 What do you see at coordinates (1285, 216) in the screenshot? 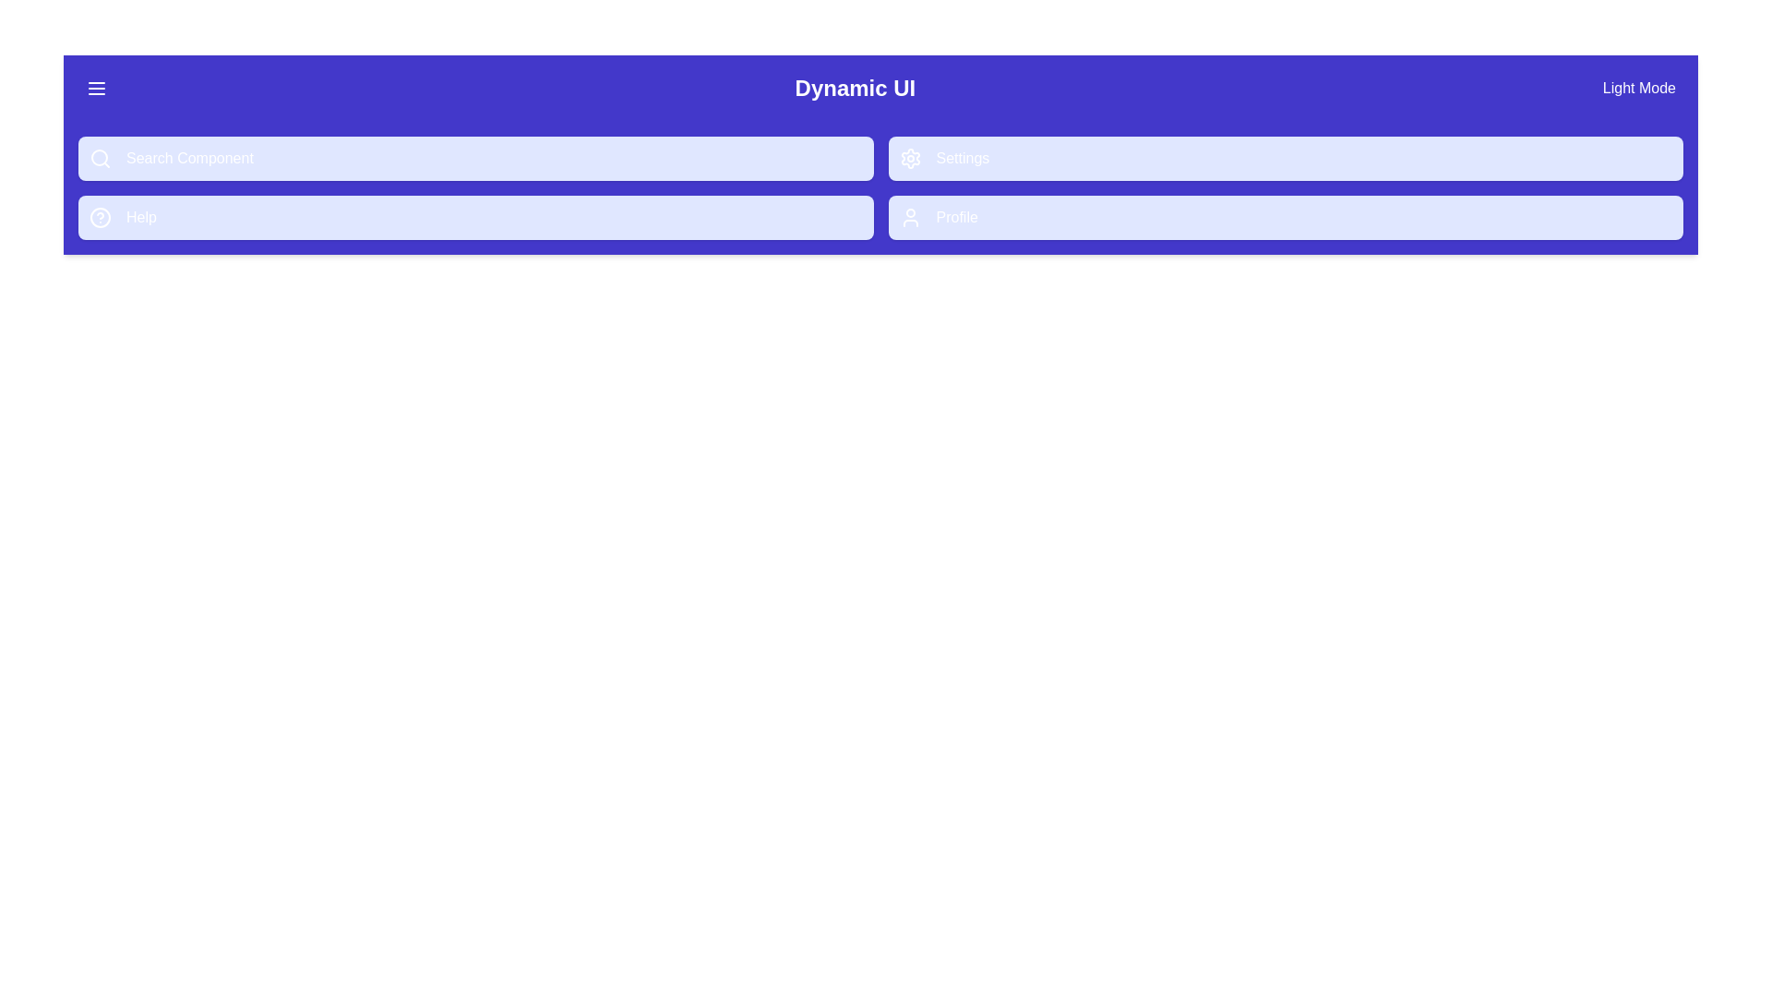
I see `the menu option Profile from the menu` at bounding box center [1285, 216].